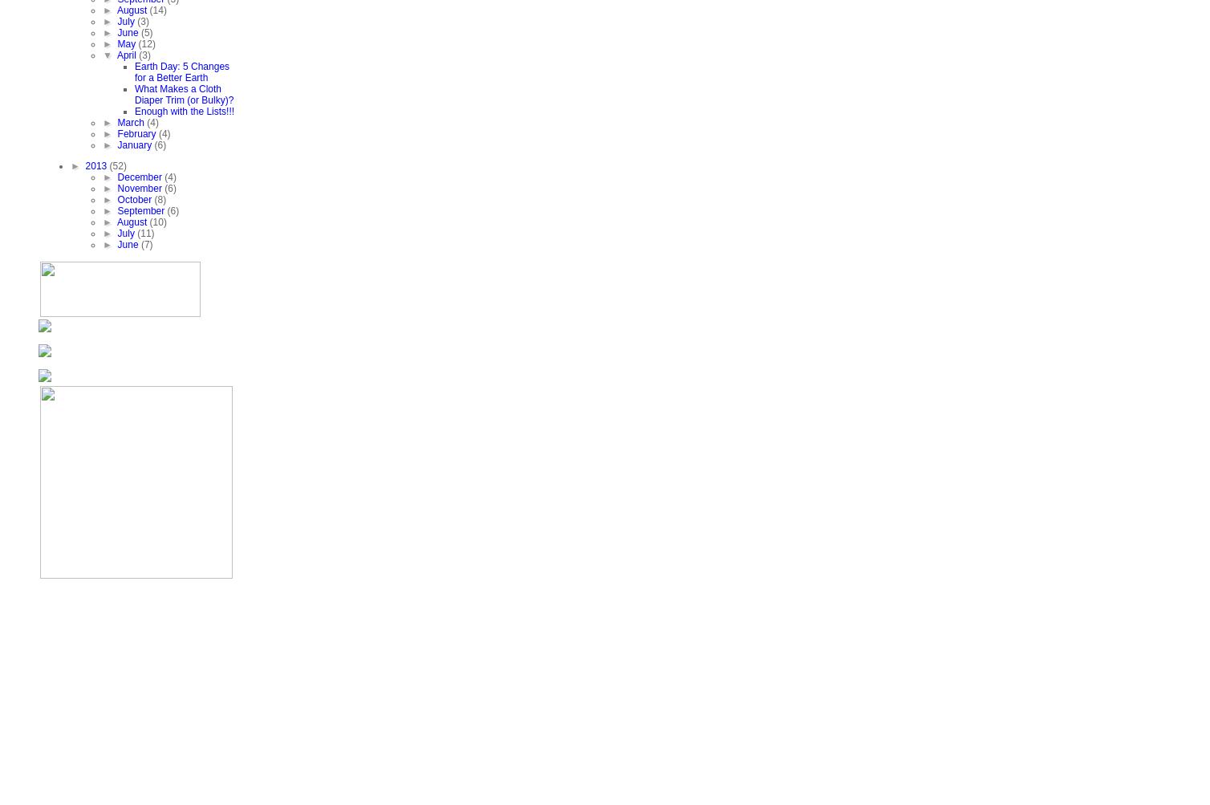 This screenshot has height=805, width=1210. I want to click on 'February', so click(137, 132).